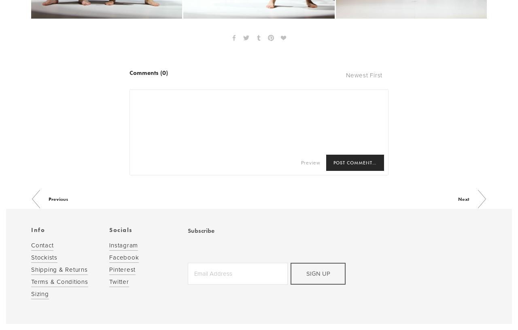 The width and height of the screenshot is (518, 330). Describe the element at coordinates (39, 294) in the screenshot. I see `'Sizing'` at that location.